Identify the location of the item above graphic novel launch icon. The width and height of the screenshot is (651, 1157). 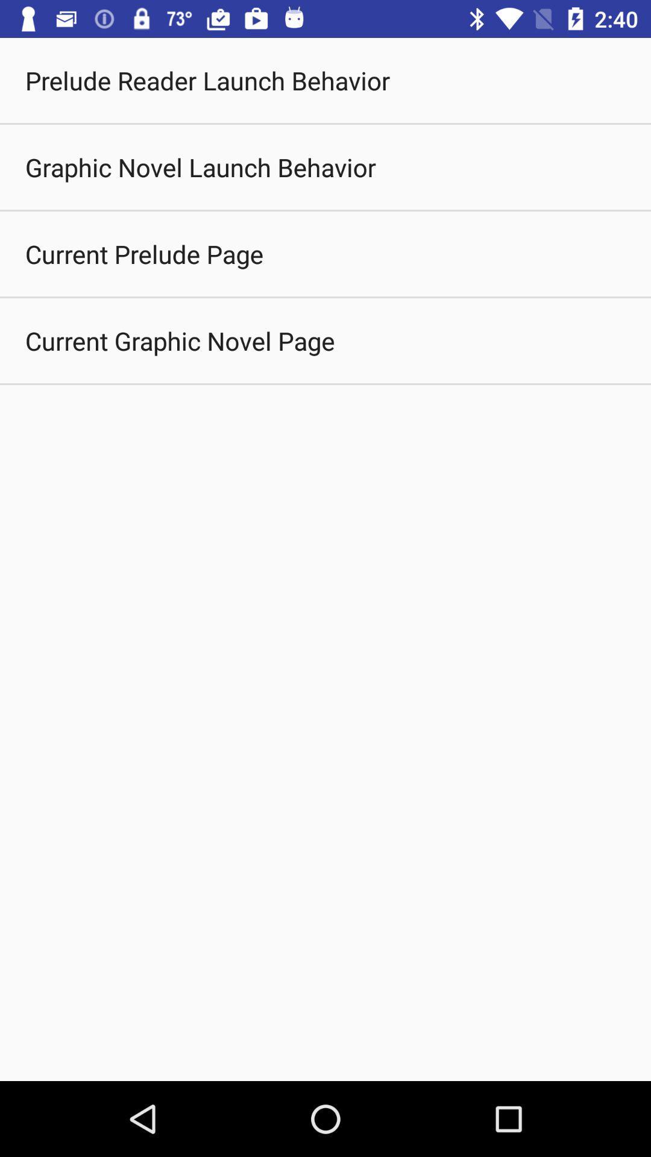
(207, 80).